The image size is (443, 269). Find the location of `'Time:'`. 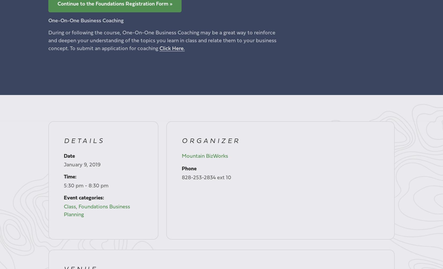

'Time:' is located at coordinates (63, 177).